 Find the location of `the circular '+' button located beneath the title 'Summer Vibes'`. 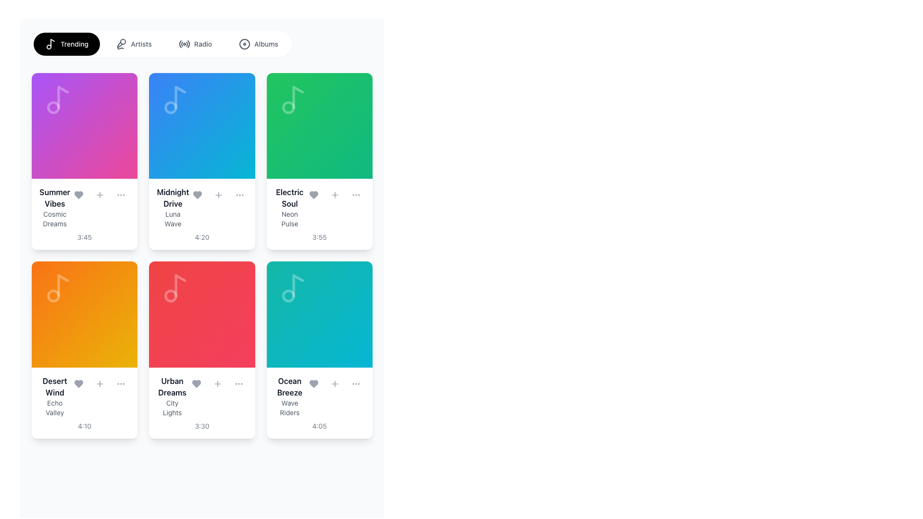

the circular '+' button located beneath the title 'Summer Vibes' is located at coordinates (100, 195).